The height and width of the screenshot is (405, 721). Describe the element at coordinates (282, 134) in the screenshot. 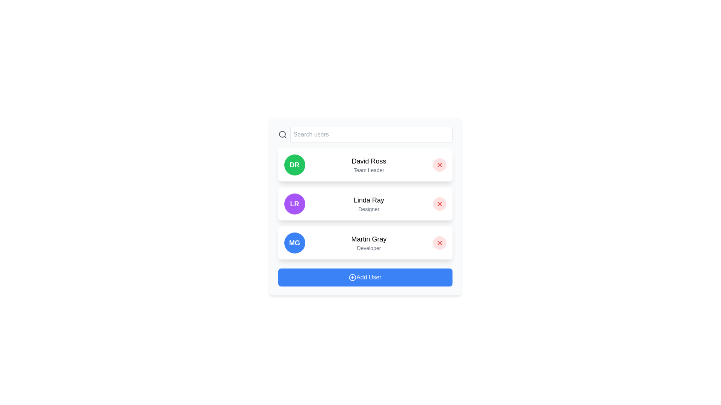

I see `the visually styled gray magnifying glass icon located to the left of the search input field to initiate a search` at that location.